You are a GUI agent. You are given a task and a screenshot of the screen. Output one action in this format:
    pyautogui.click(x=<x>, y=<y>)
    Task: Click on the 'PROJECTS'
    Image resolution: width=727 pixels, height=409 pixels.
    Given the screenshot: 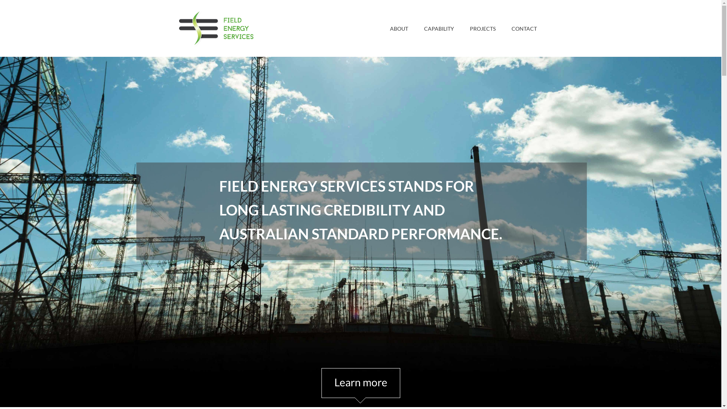 What is the action you would take?
    pyautogui.click(x=464, y=28)
    